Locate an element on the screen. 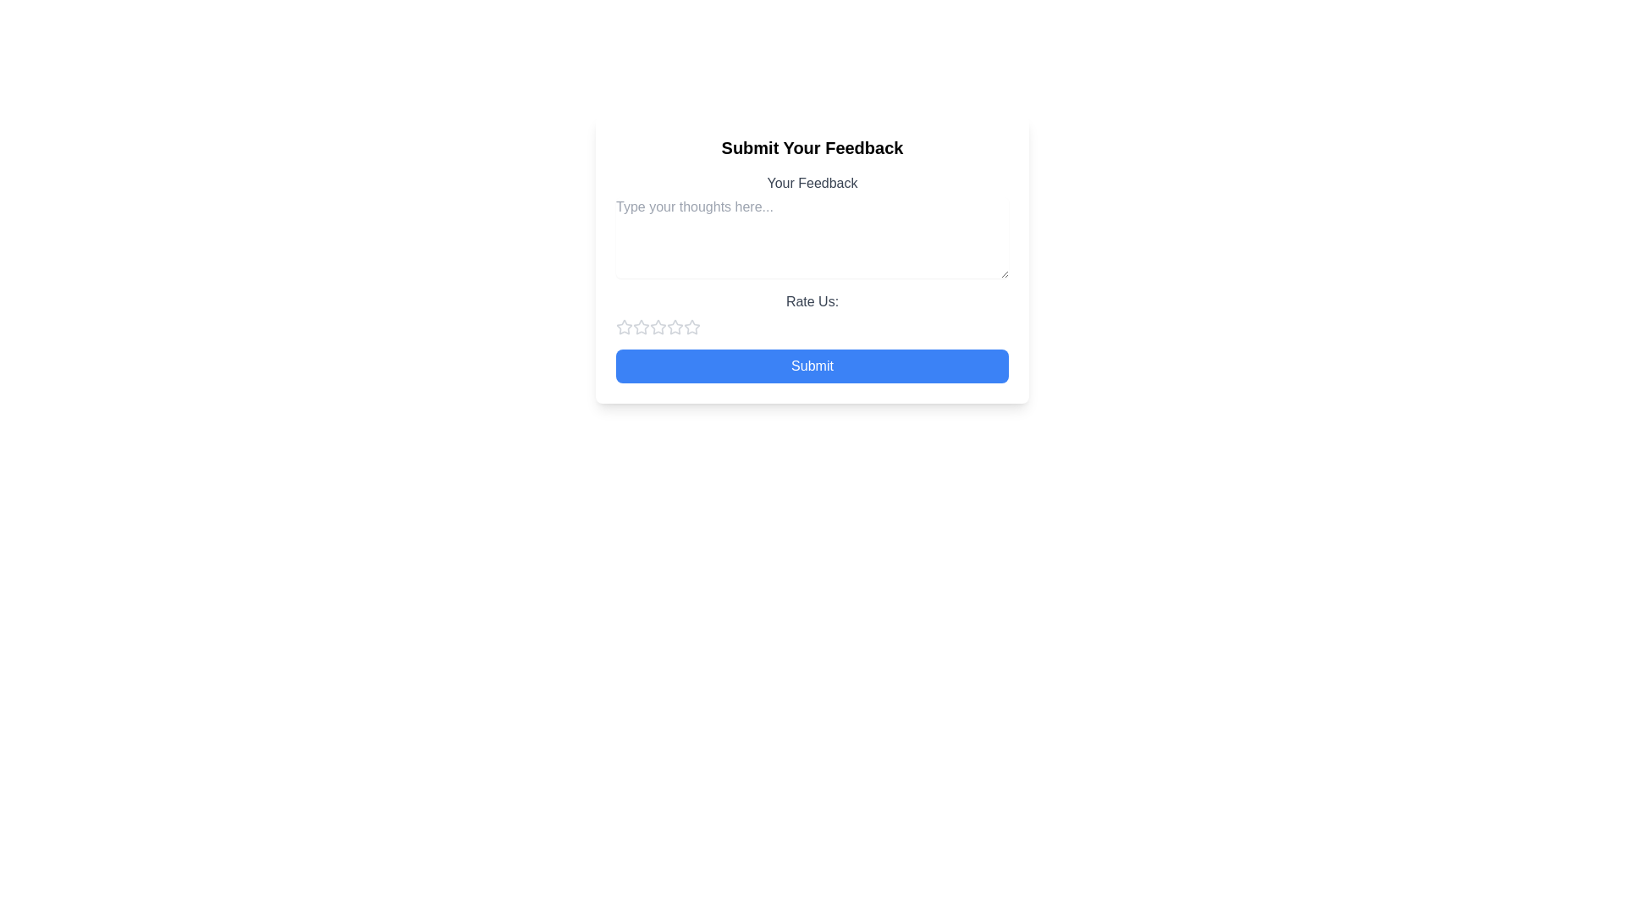 This screenshot has width=1625, height=914. the static text label that prompts users to rate their experience, located above the row of star icons in the feedback submission form is located at coordinates (812, 300).